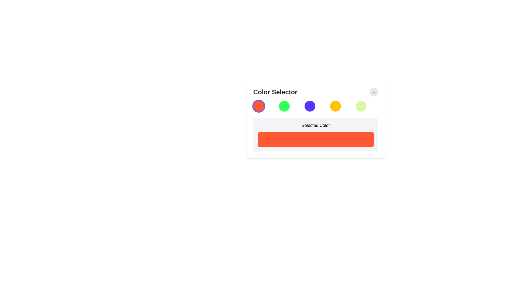 Image resolution: width=517 pixels, height=291 pixels. I want to click on the gray downward-pointing chevron icon within the circular button located in the top-right corner of the 'Color Selector' panel, so click(373, 92).